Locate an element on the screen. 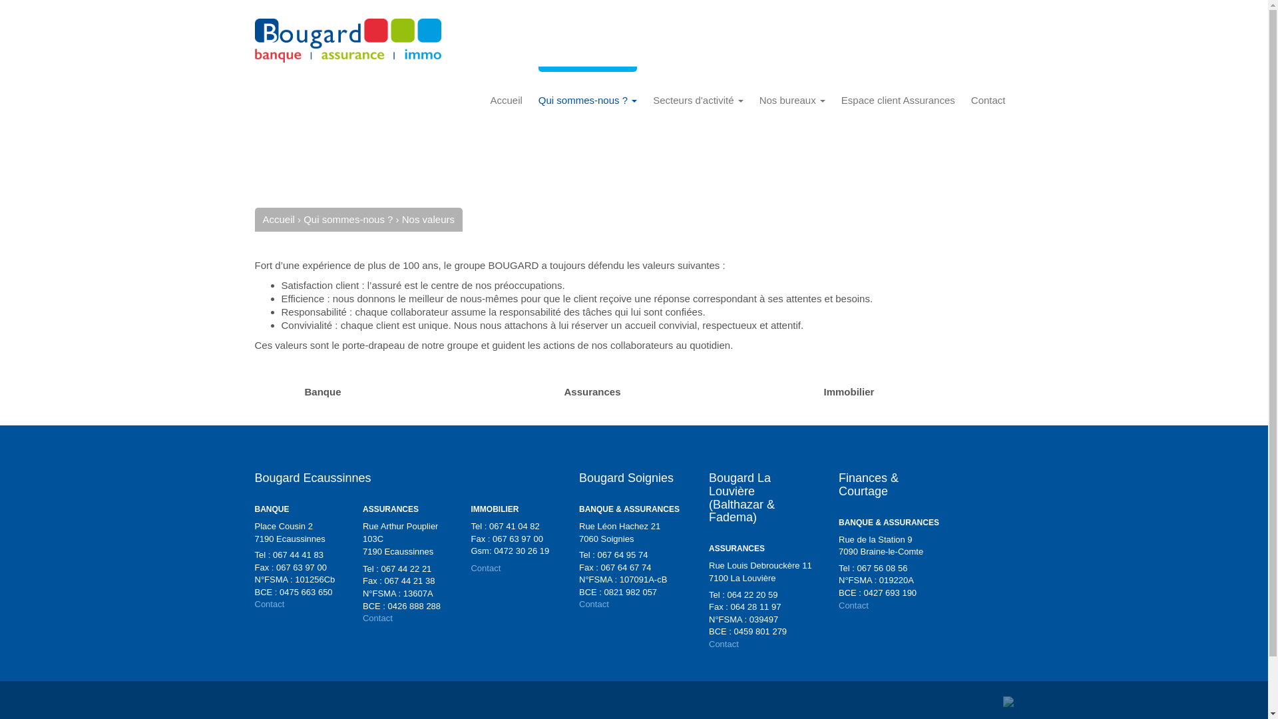  'Assurances' is located at coordinates (572, 392).